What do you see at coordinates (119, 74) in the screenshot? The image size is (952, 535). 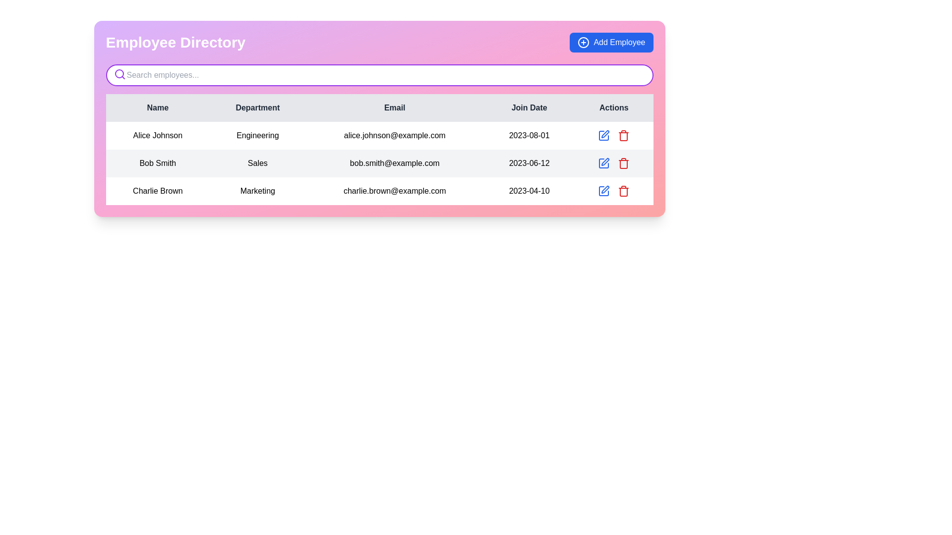 I see `the search icon, which is styled as a magnifying glass and located to the left of the employee search input field` at bounding box center [119, 74].